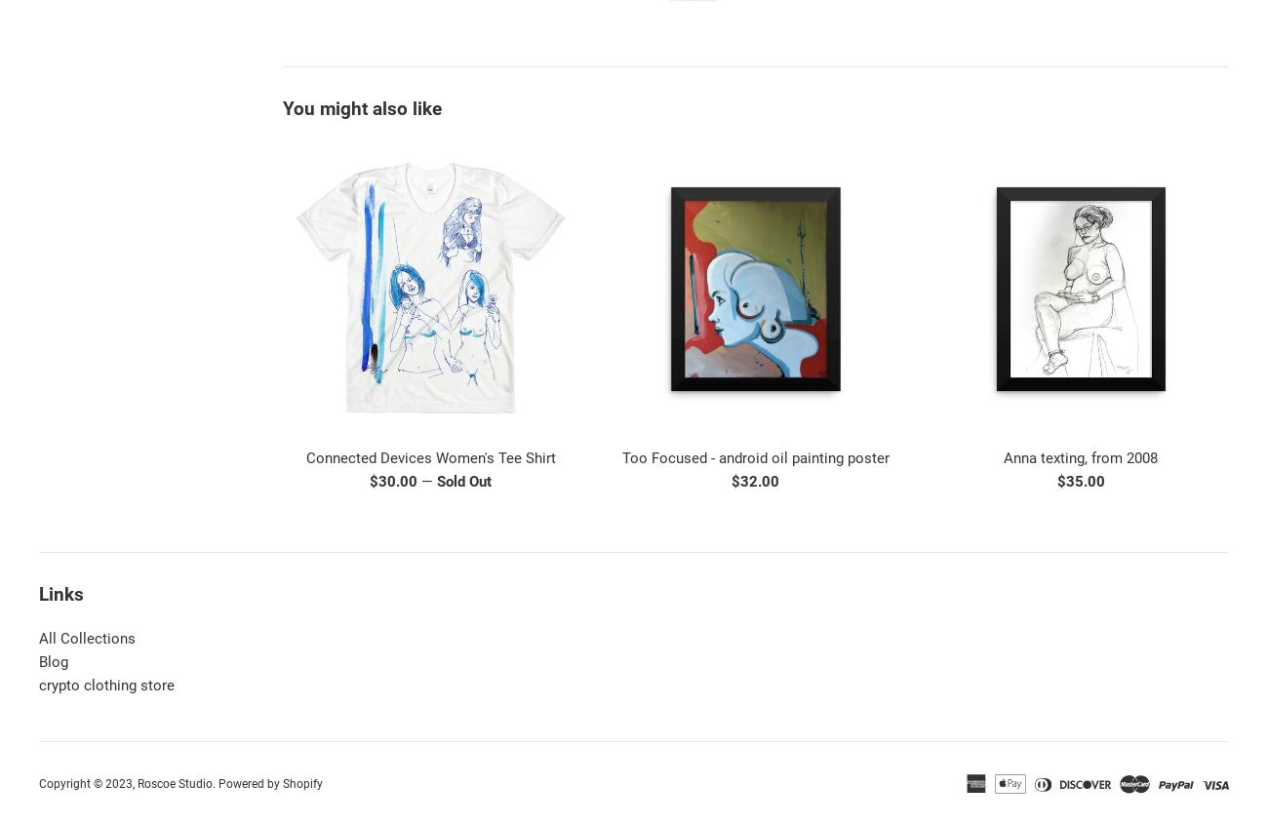 Image resolution: width=1268 pixels, height=824 pixels. Describe the element at coordinates (1079, 481) in the screenshot. I see `'$35.00'` at that location.